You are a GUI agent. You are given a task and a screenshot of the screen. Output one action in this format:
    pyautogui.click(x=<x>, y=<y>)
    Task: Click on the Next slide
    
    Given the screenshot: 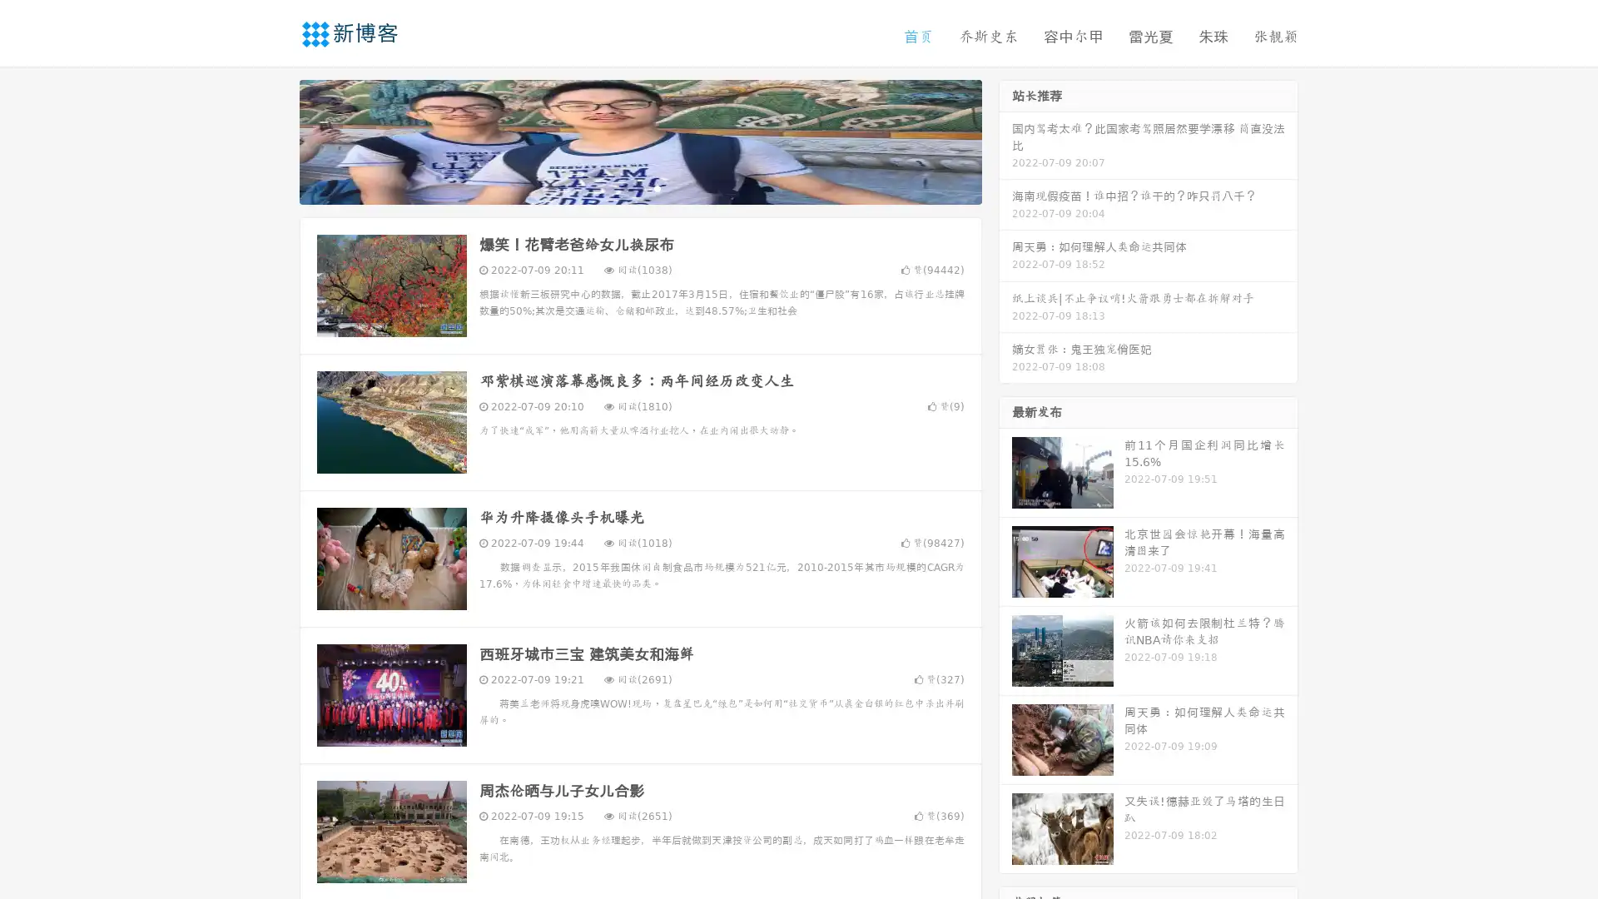 What is the action you would take?
    pyautogui.click(x=1005, y=140)
    